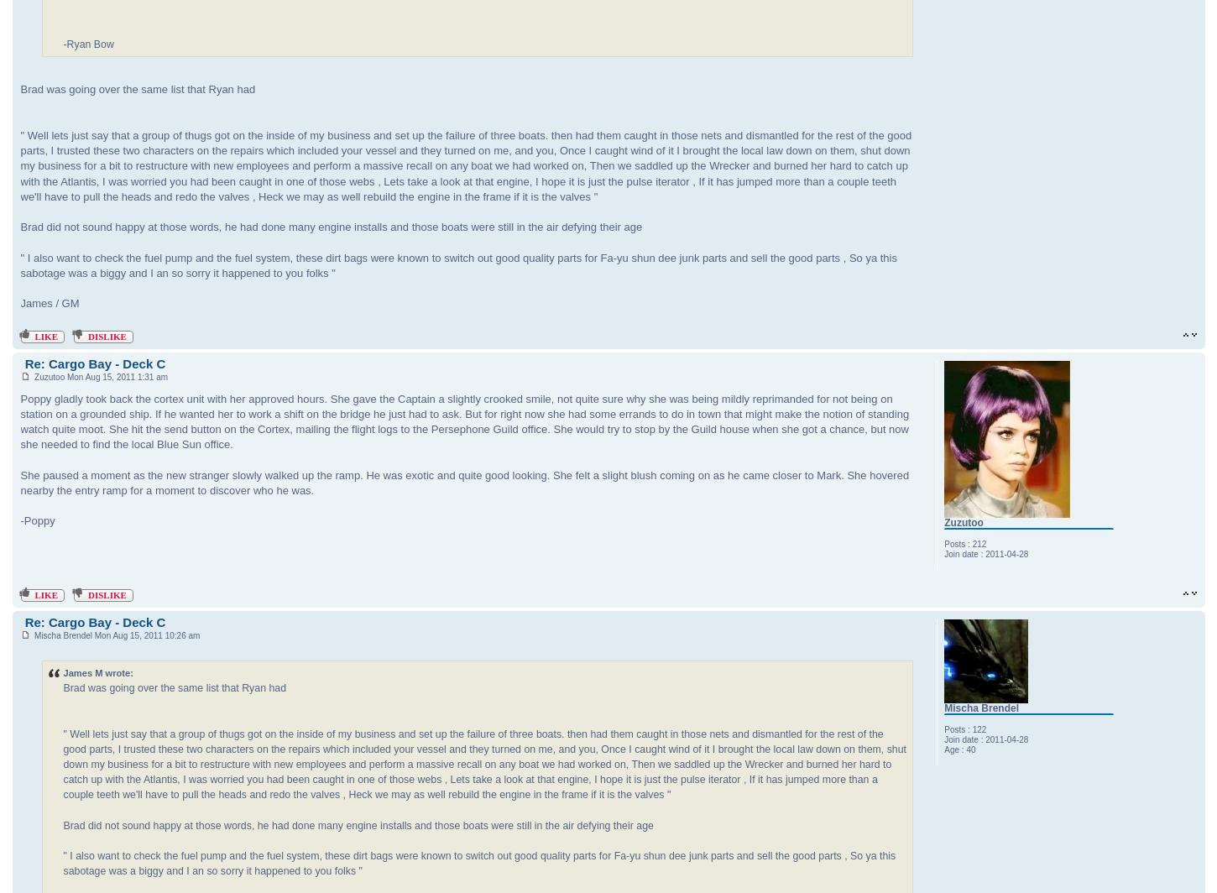 This screenshot has width=1217, height=893. What do you see at coordinates (464, 420) in the screenshot?
I see `'Poppy gladly took back the cortex unit with her approved hours. She gave the Captain a slightly crooked smile, not quite sure why she was being mildly reprimanded for not being on station on a grounded ship. If he wanted her to work a shift on the bridge he just had to ask. But for right now she had some errands to do in town that might make the notion of standing watch quite moot. She hit the send button on the Cortex, mailing the flight logs to the Persephone Guild office. She would try to stop by the Guild house when she got a chance, but now she needed to find the local Blue Sun office.'` at bounding box center [464, 420].